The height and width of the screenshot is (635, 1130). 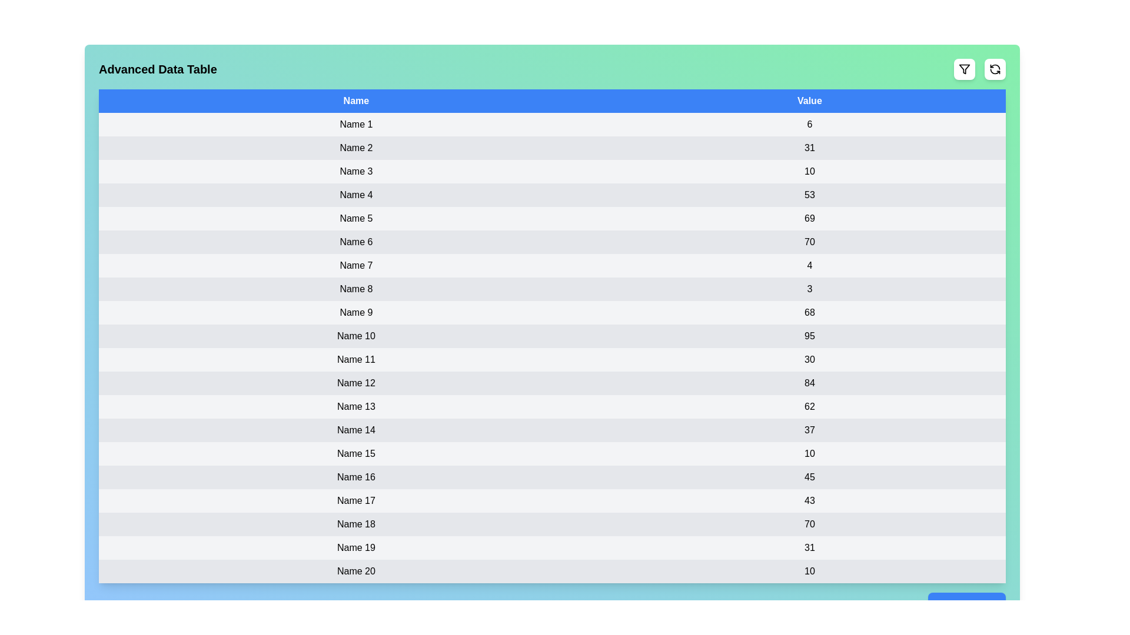 I want to click on the refresh button to refresh the data in the table, so click(x=994, y=69).